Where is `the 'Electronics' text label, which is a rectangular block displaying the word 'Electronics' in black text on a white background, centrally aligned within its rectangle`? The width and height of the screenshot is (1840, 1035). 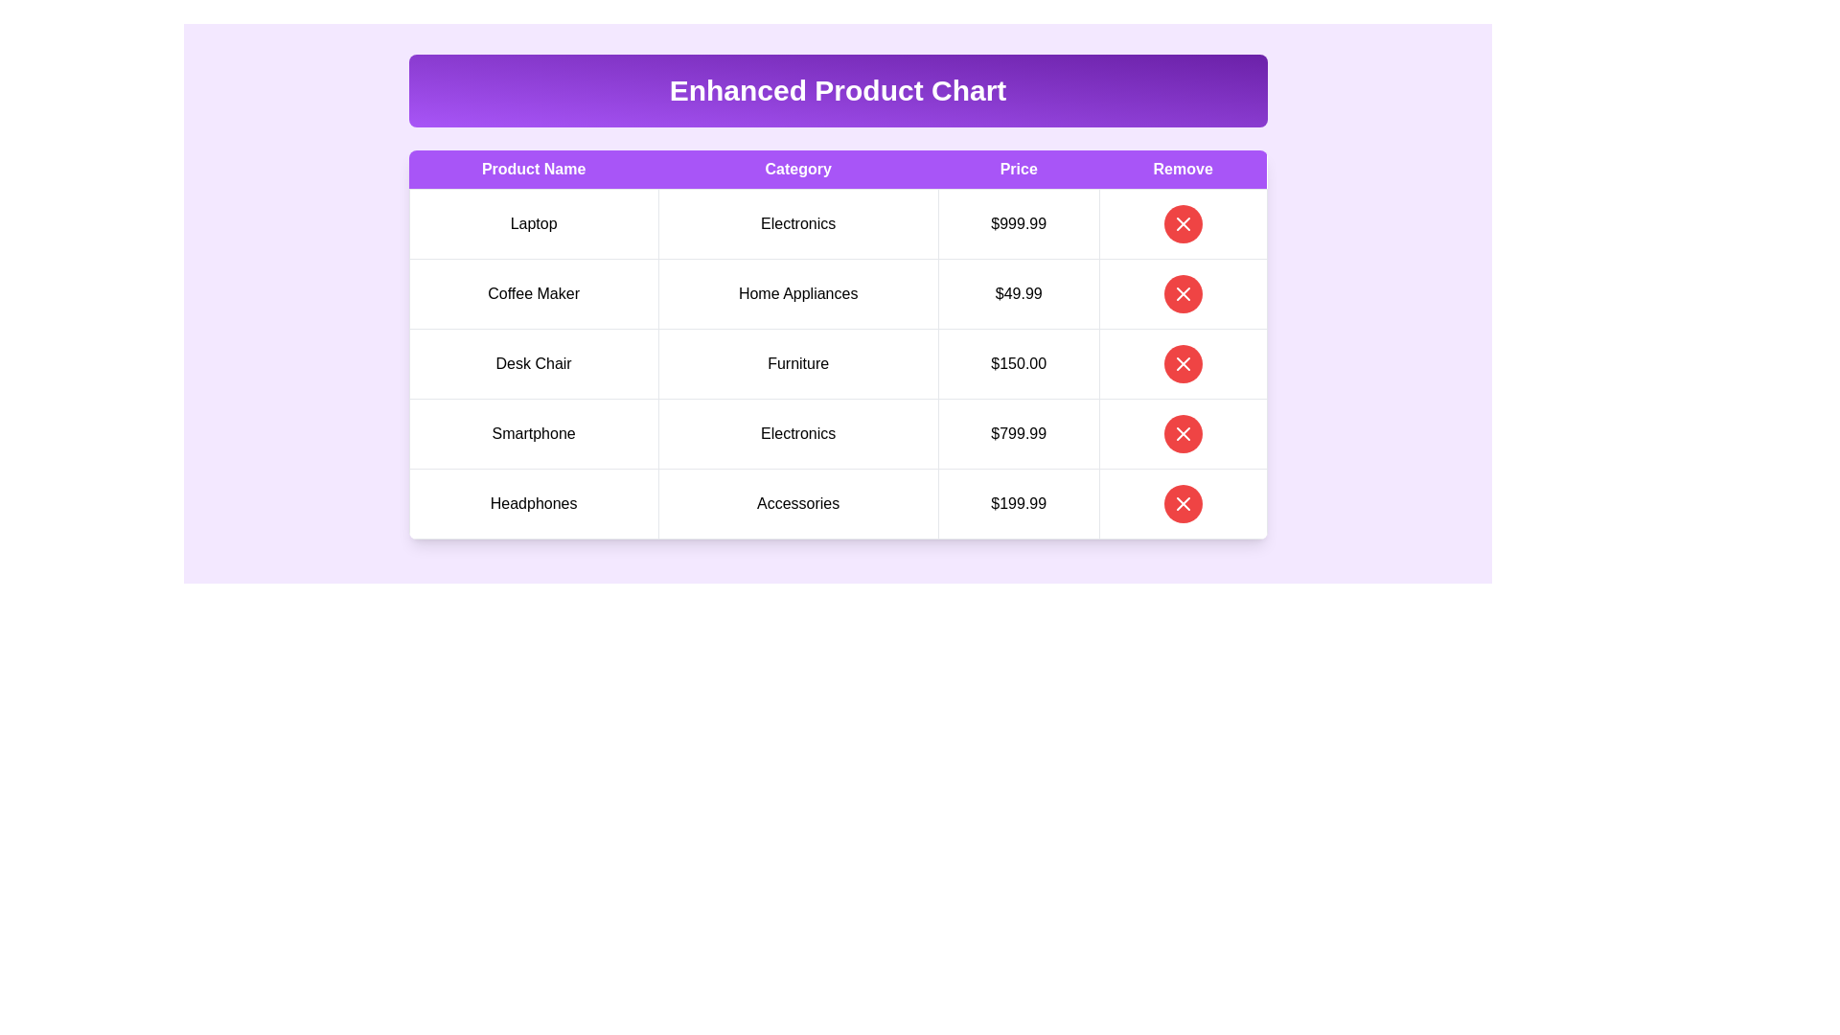
the 'Electronics' text label, which is a rectangular block displaying the word 'Electronics' in black text on a white background, centrally aligned within its rectangle is located at coordinates (798, 223).